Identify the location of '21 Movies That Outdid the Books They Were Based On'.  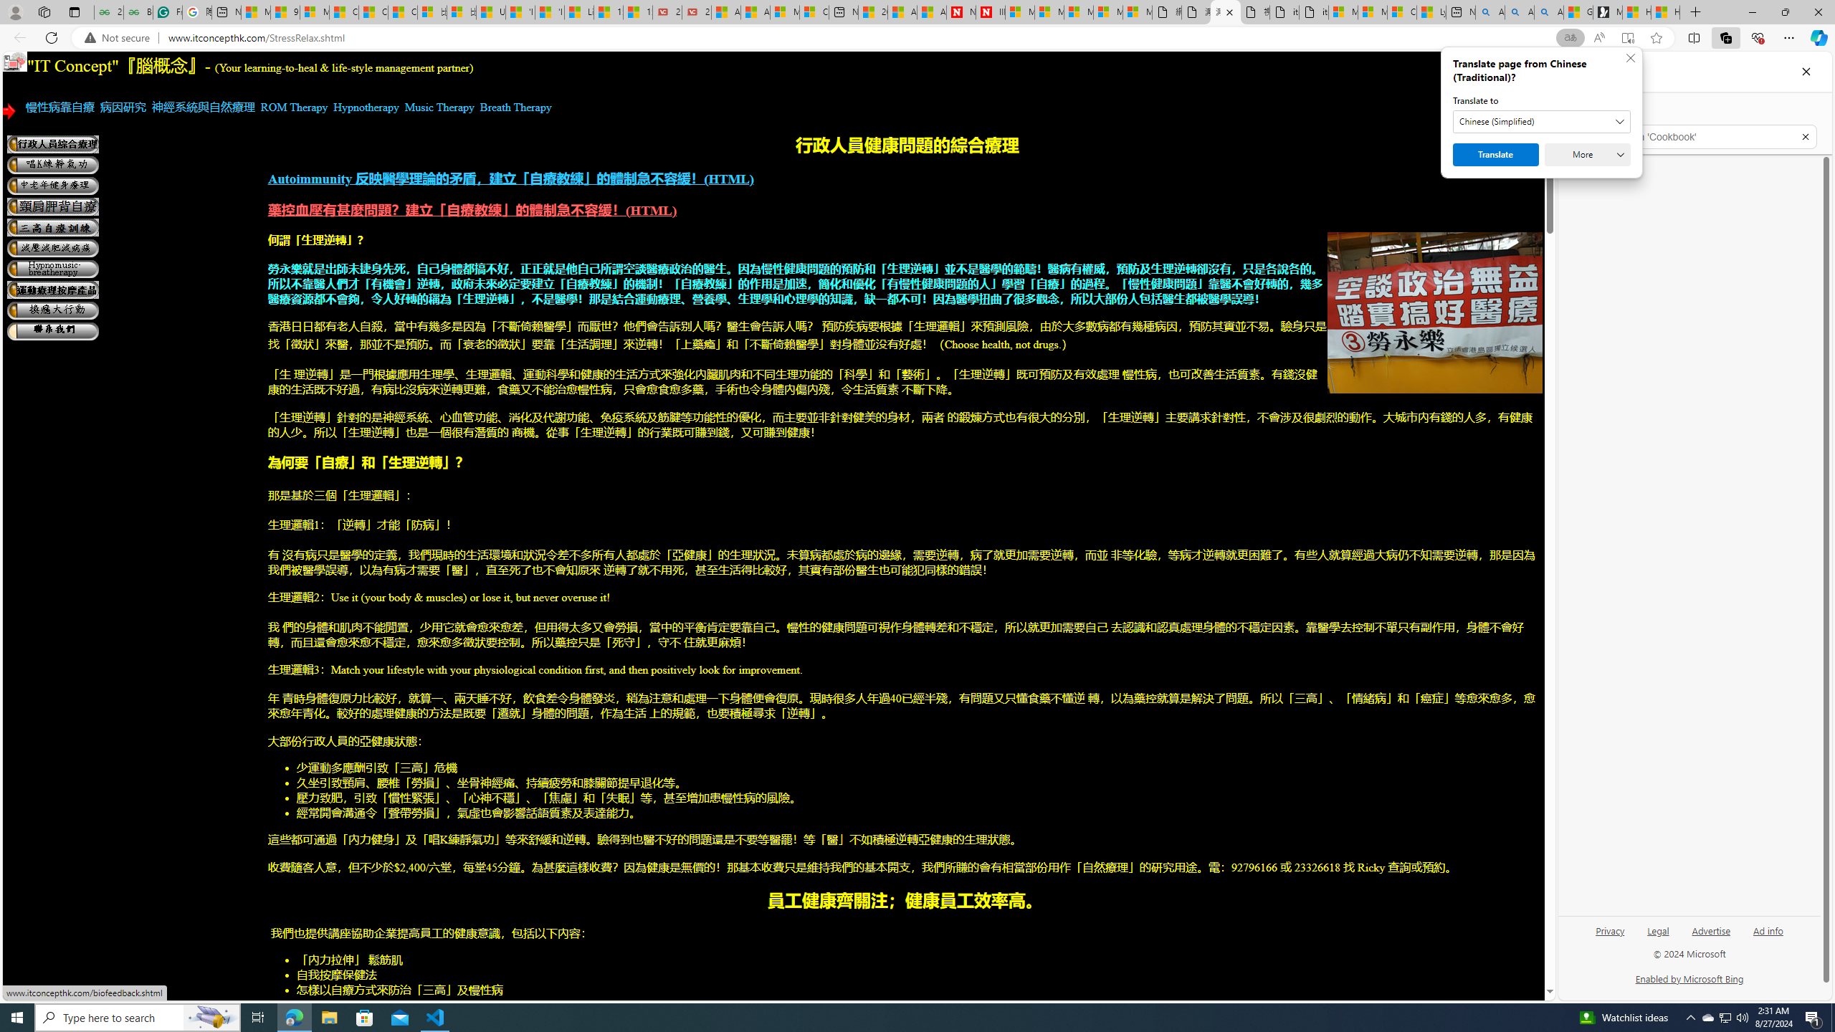
(695, 11).